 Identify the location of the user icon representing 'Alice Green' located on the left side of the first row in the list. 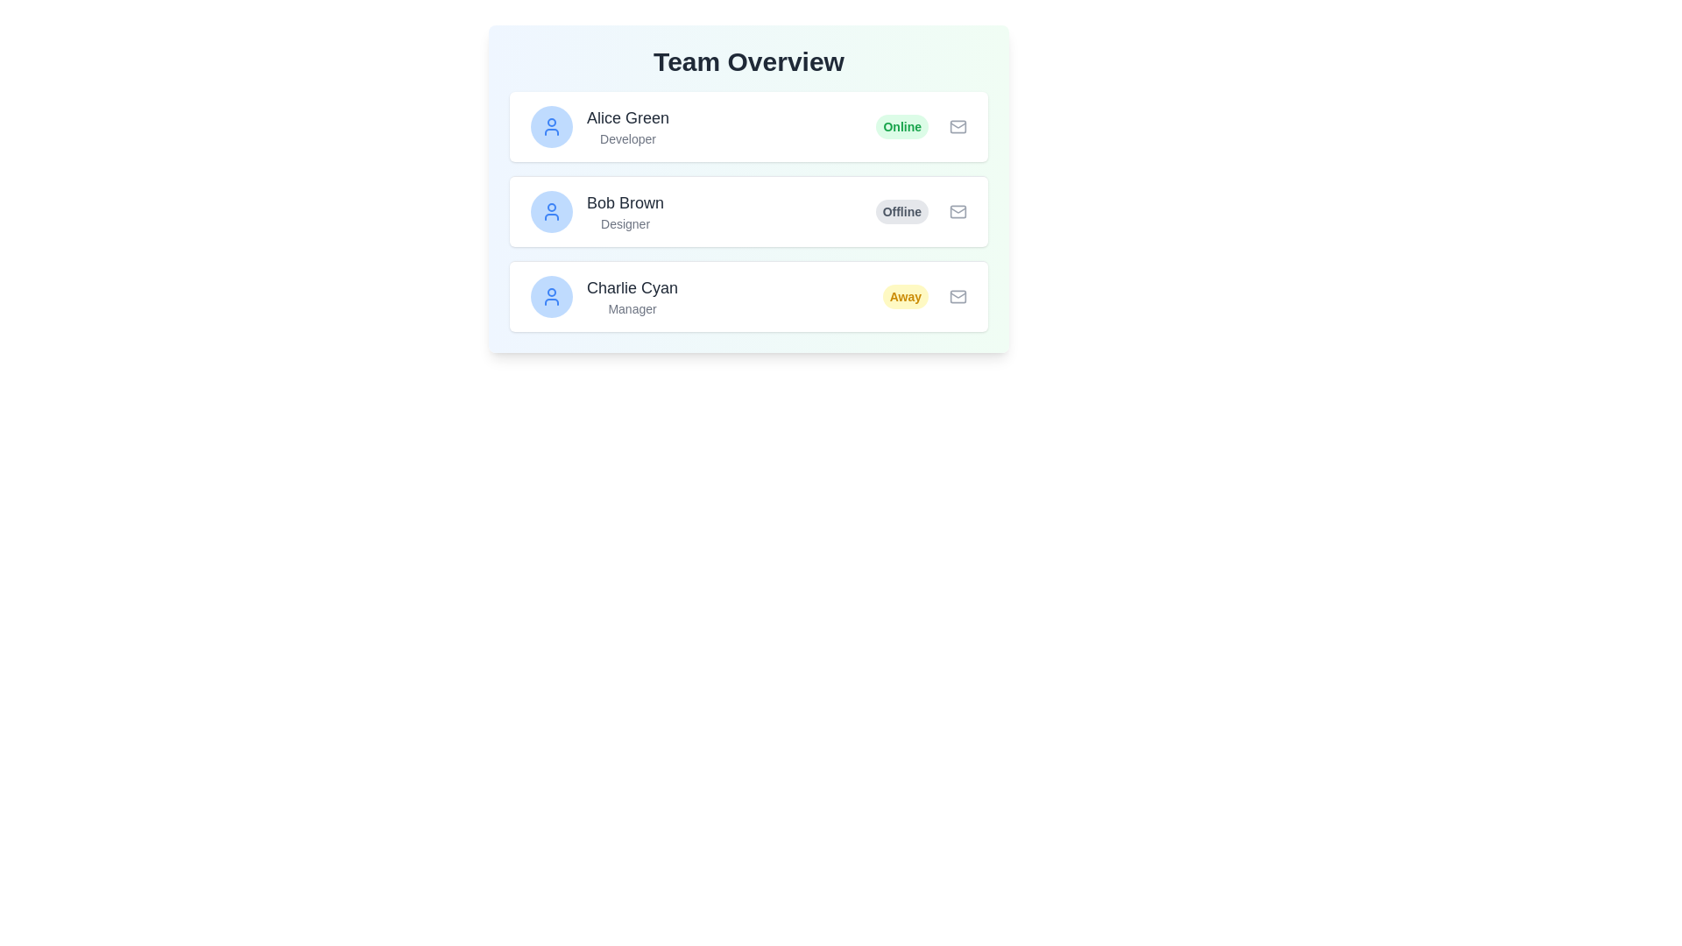
(550, 126).